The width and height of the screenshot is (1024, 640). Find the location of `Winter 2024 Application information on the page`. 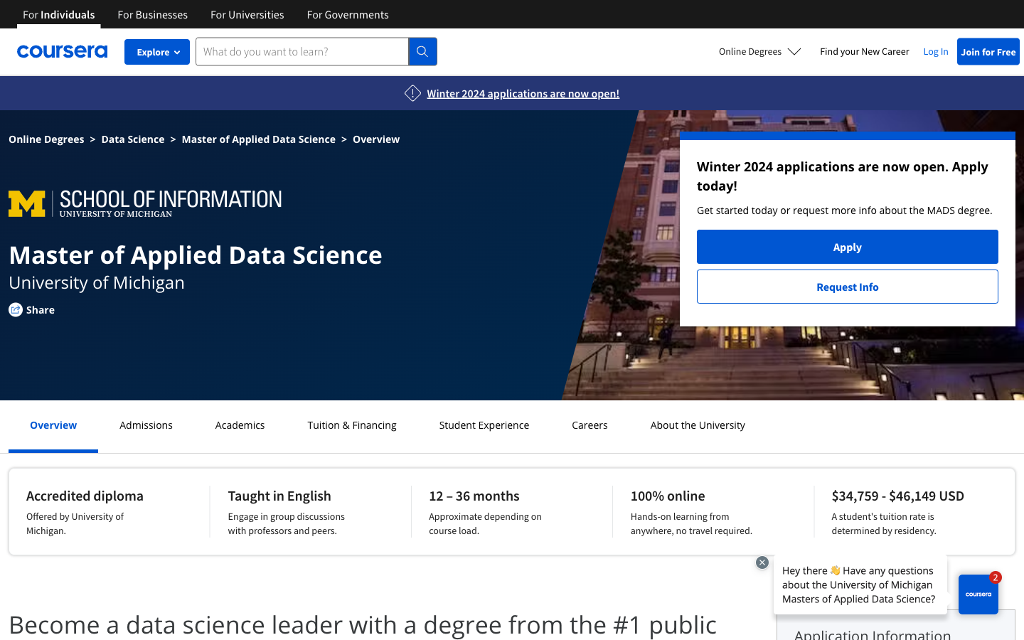

Winter 2024 Application information on the page is located at coordinates (522, 93).